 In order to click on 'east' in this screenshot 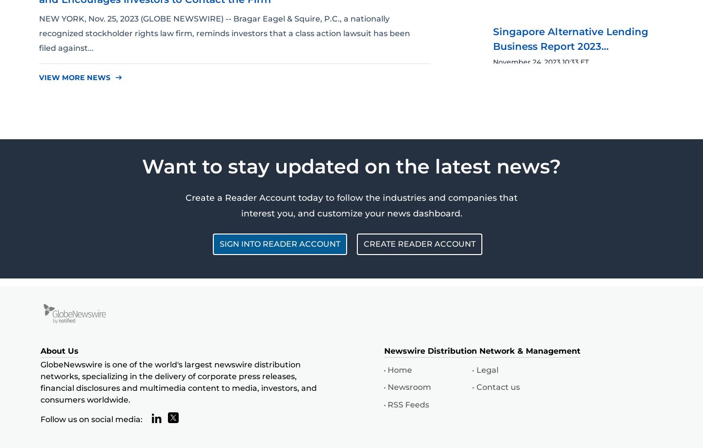, I will do `click(115, 77)`.